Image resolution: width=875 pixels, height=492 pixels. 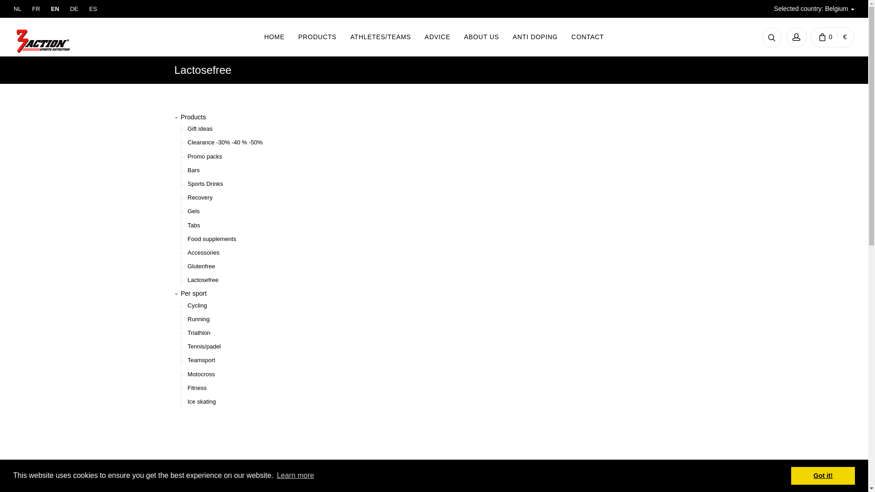 I want to click on 'Promo packs', so click(x=205, y=156).